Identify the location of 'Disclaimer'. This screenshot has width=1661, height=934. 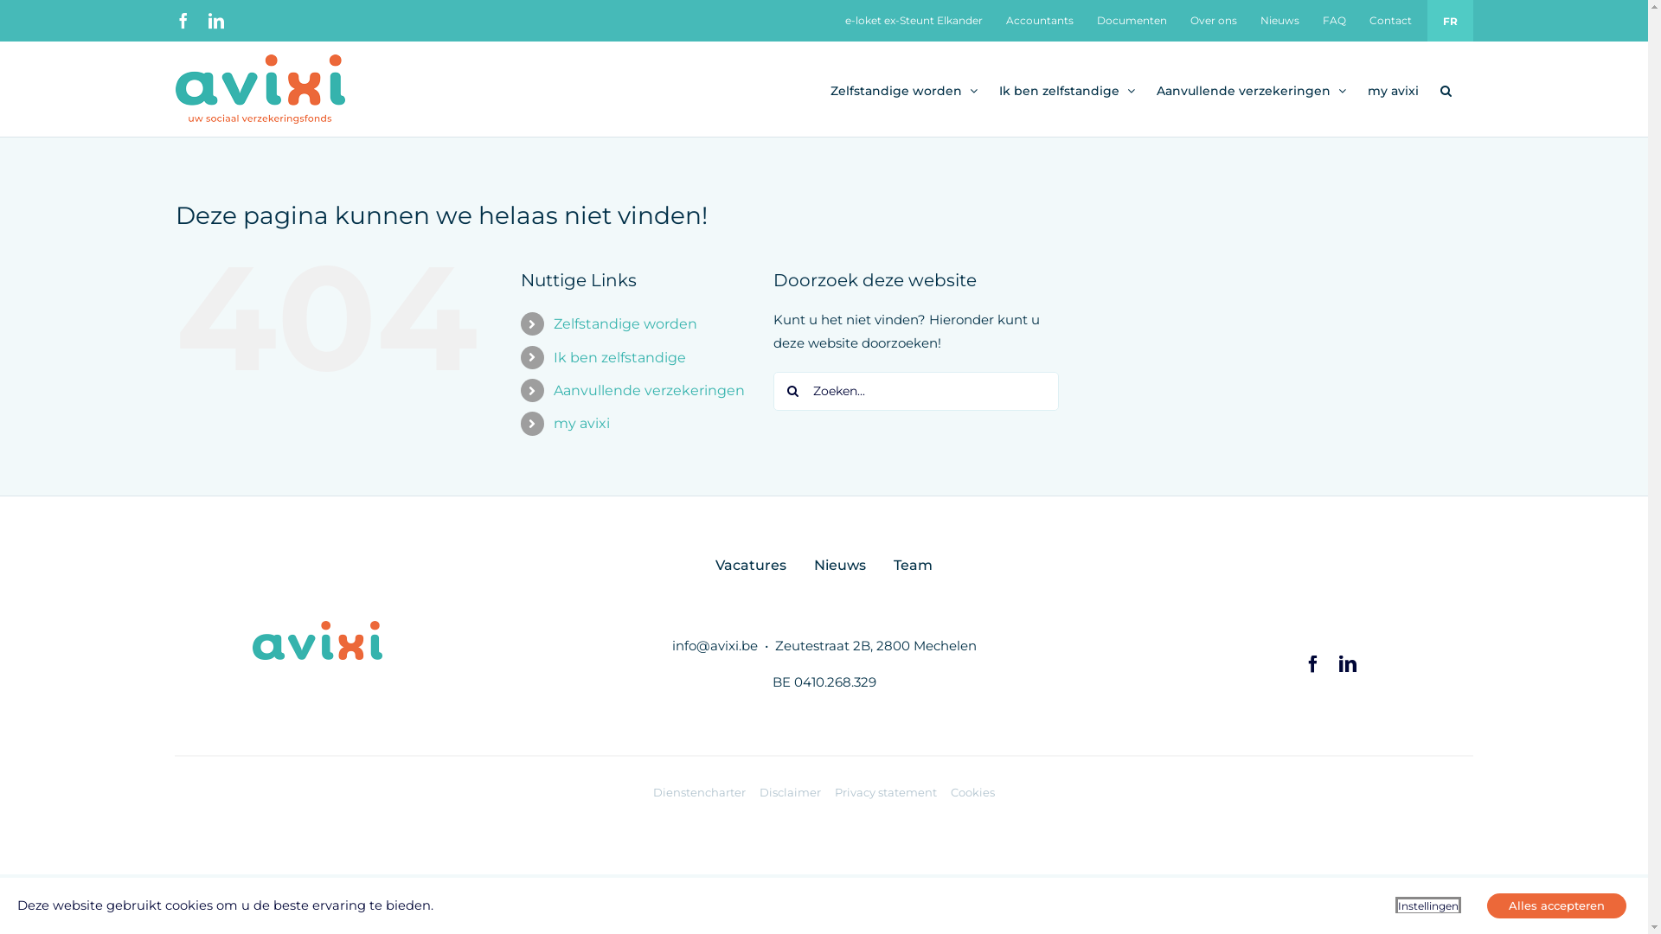
(760, 792).